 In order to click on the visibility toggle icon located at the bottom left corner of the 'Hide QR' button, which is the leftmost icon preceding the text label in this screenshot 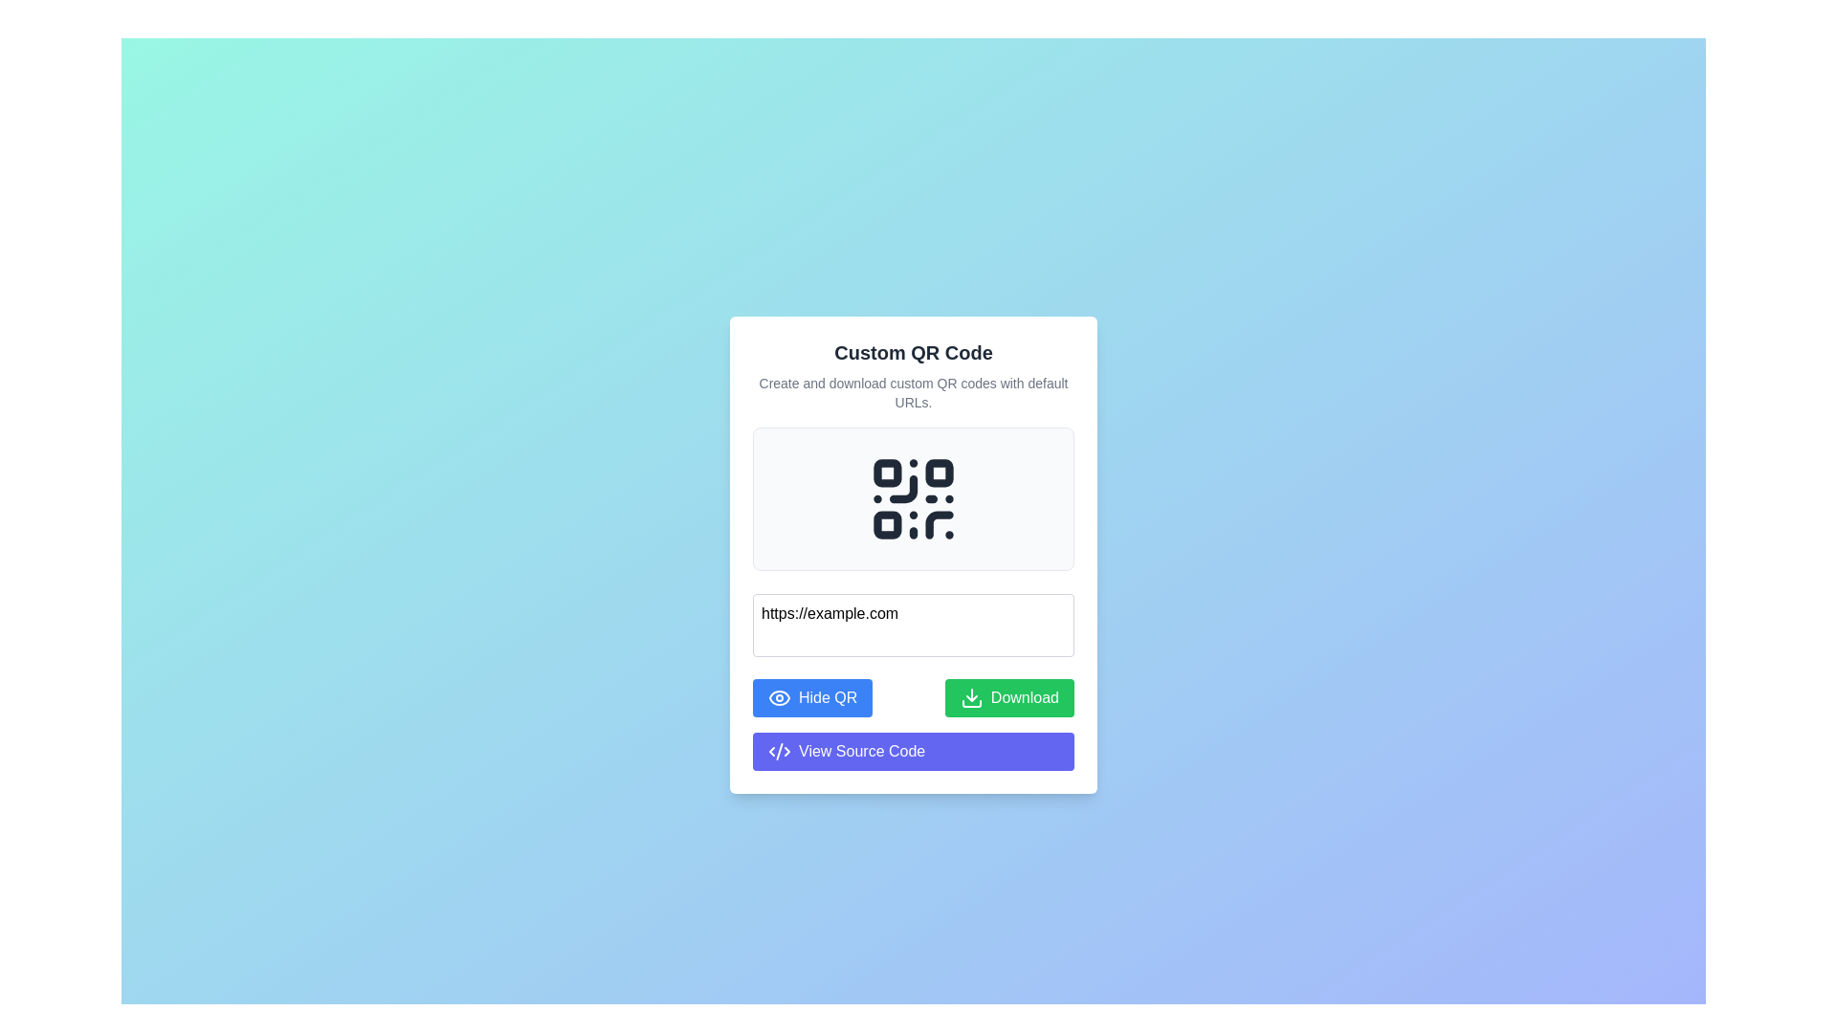, I will do `click(780, 697)`.